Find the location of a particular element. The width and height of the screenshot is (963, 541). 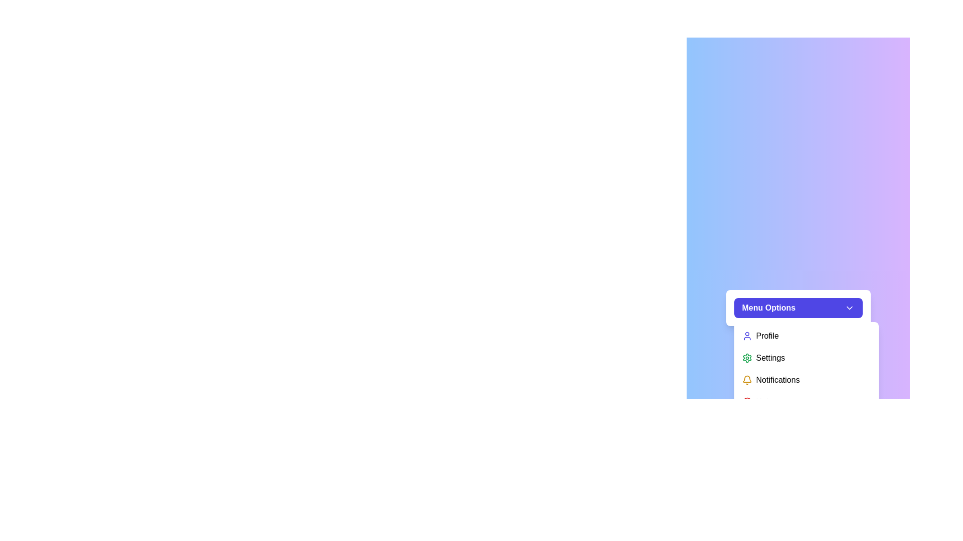

the 'Profile' icon located to the left of the 'Profile' text in the vertical menu is located at coordinates (747, 336).